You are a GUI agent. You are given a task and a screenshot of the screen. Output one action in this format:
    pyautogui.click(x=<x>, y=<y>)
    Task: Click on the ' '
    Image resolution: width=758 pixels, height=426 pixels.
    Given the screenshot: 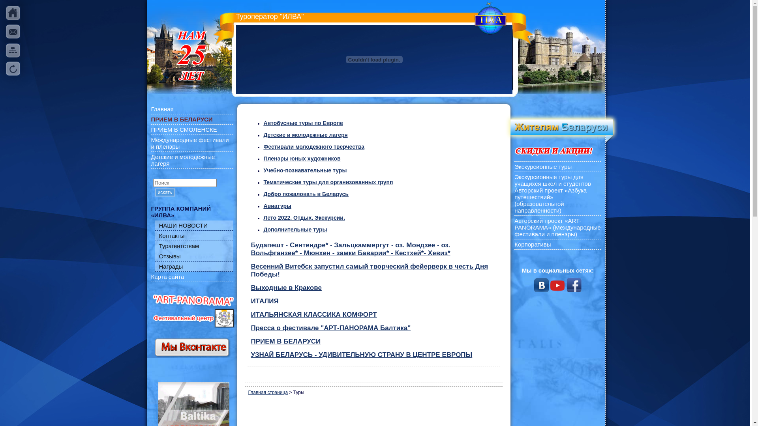 What is the action you would take?
    pyautogui.click(x=13, y=50)
    